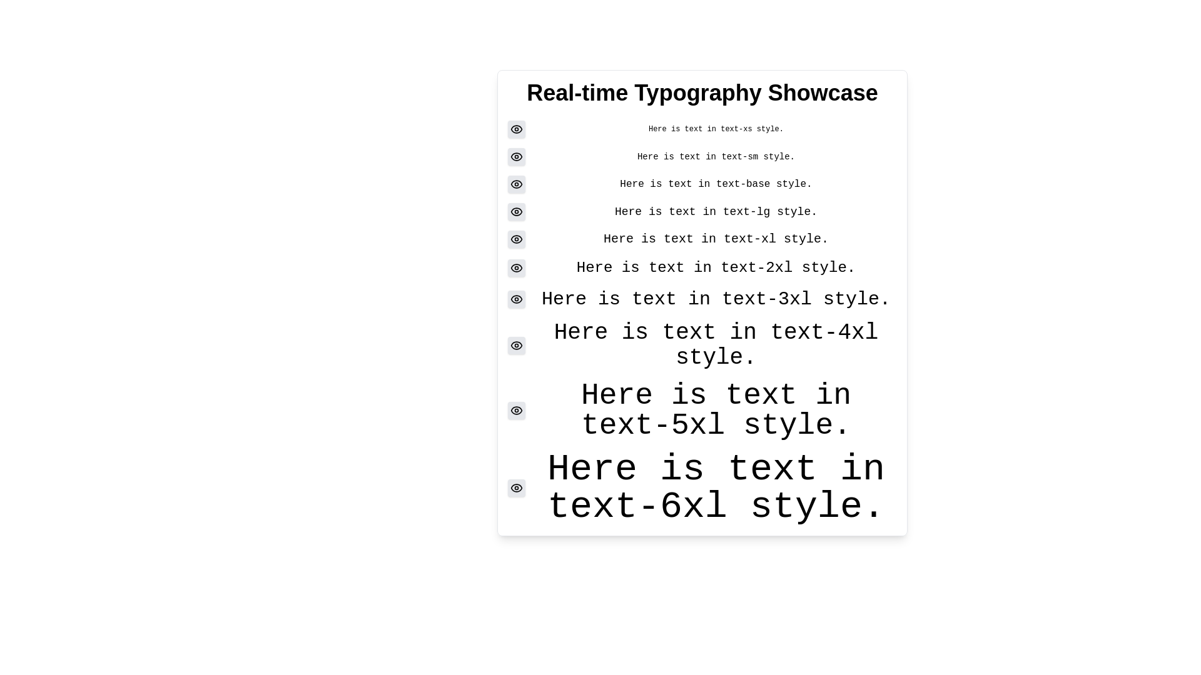  Describe the element at coordinates (702, 129) in the screenshot. I see `the text display component that reads 'Here is text in text-xs style.' located in the 'Real-time Typography Showcase' section` at that location.